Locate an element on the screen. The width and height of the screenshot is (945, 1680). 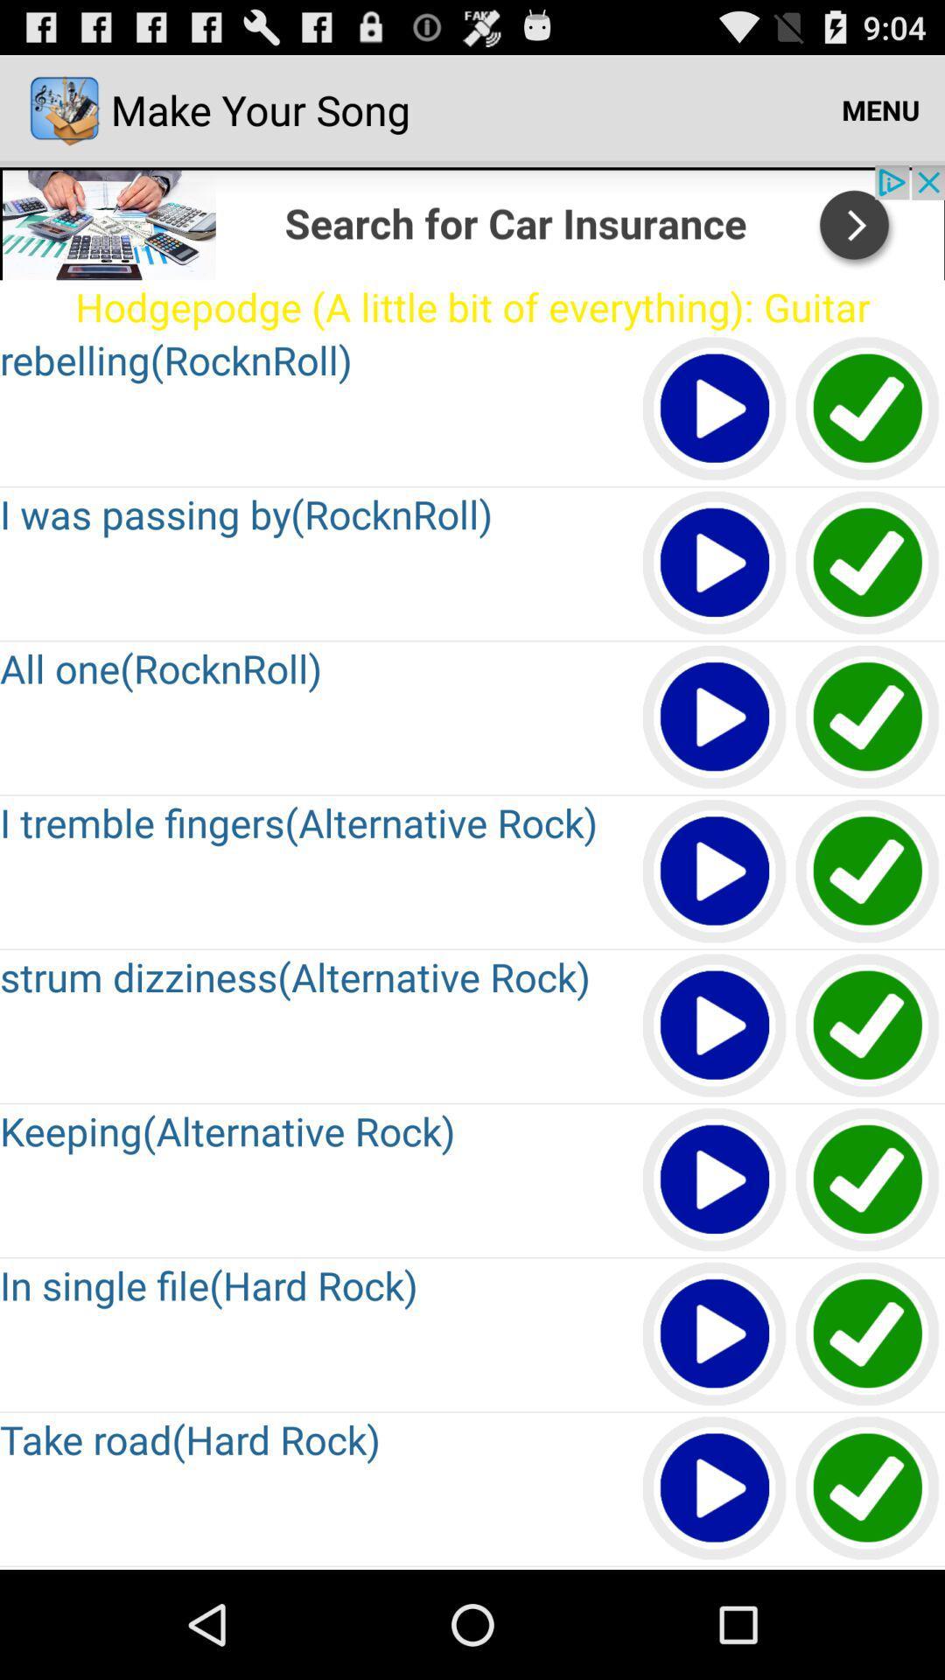
salt is located at coordinates (868, 563).